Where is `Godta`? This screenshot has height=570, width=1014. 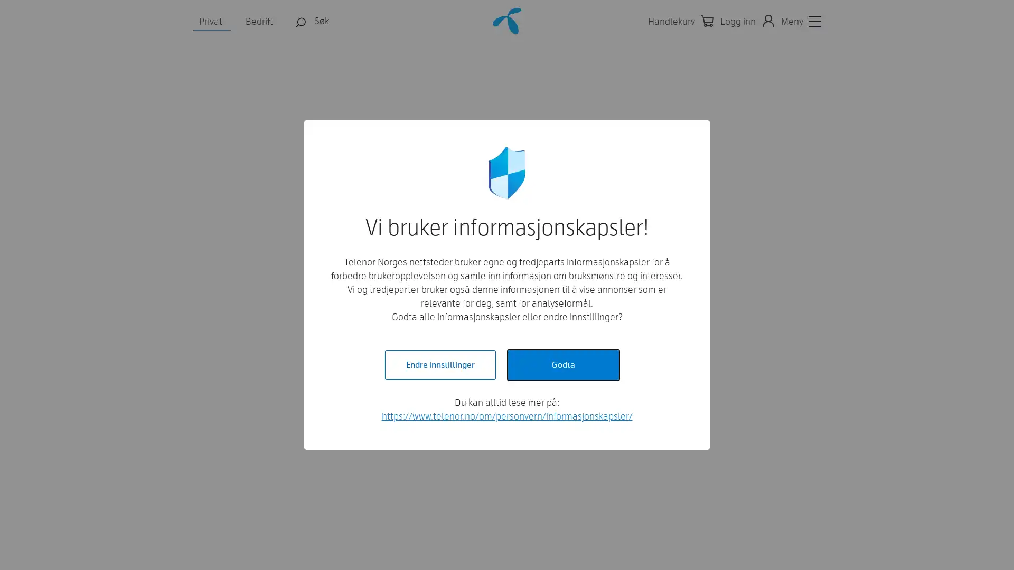
Godta is located at coordinates (562, 364).